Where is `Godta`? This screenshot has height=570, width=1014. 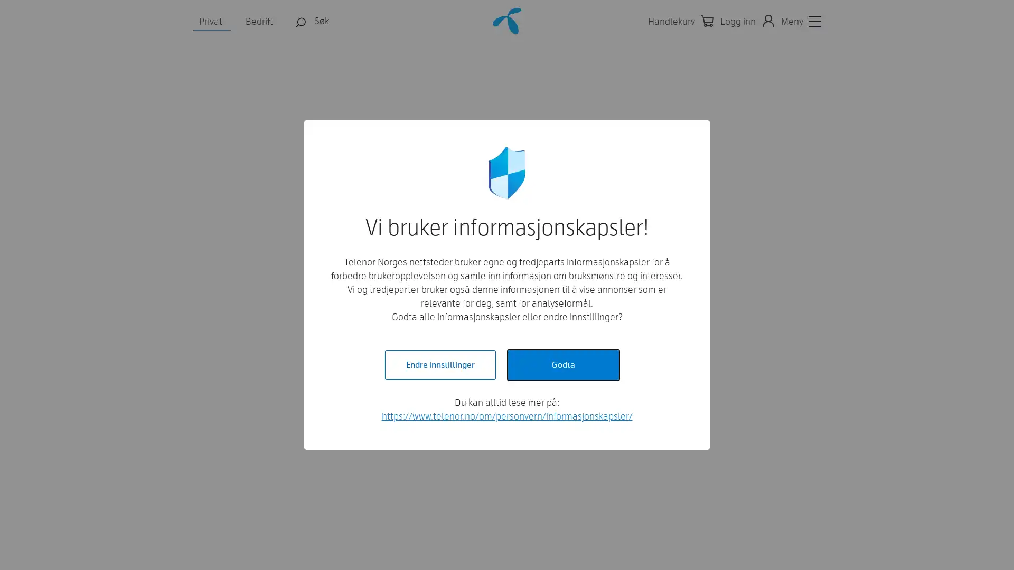
Godta is located at coordinates (562, 364).